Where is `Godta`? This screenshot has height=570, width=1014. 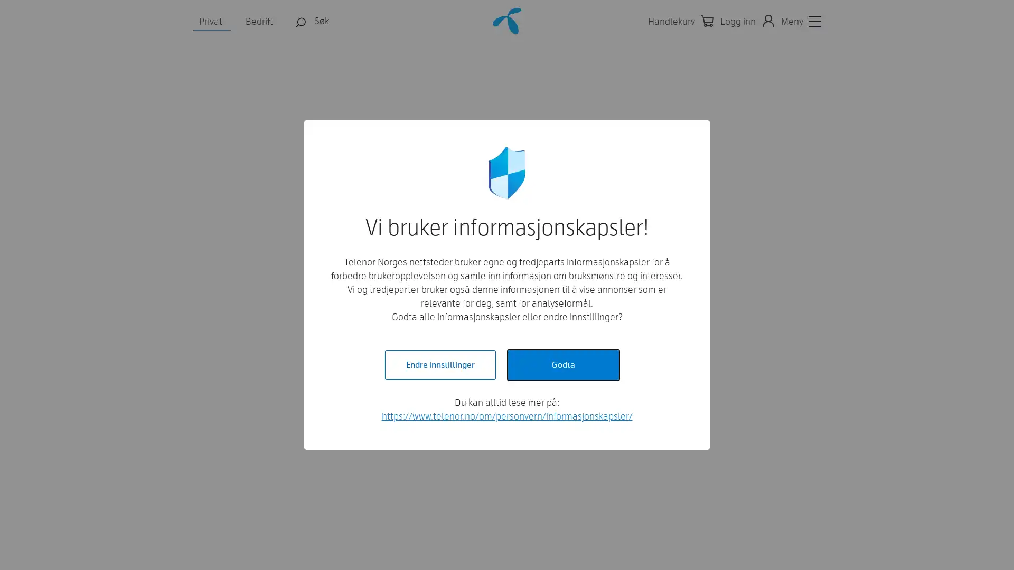
Godta is located at coordinates (562, 364).